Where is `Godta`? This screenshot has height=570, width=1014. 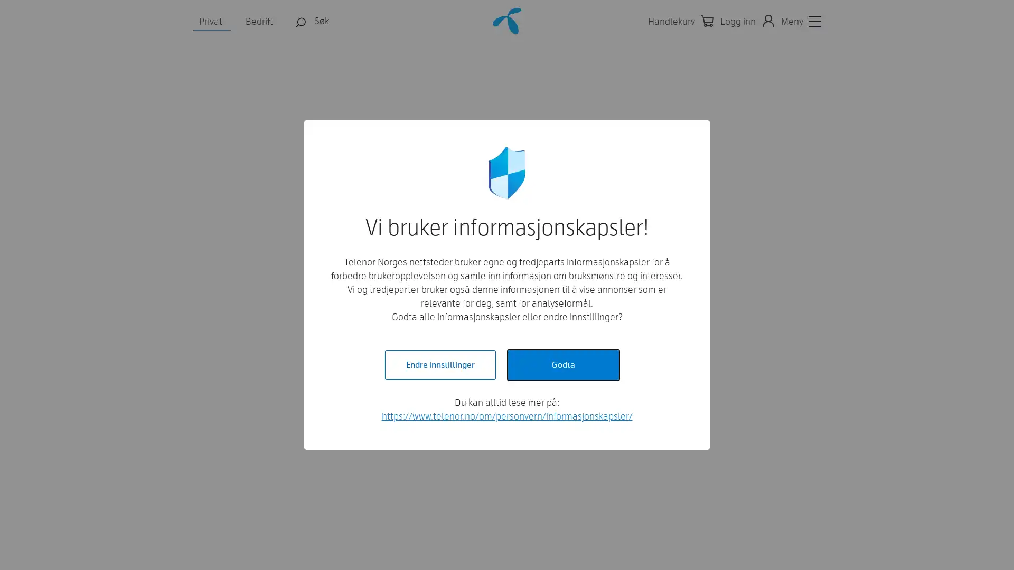
Godta is located at coordinates (562, 364).